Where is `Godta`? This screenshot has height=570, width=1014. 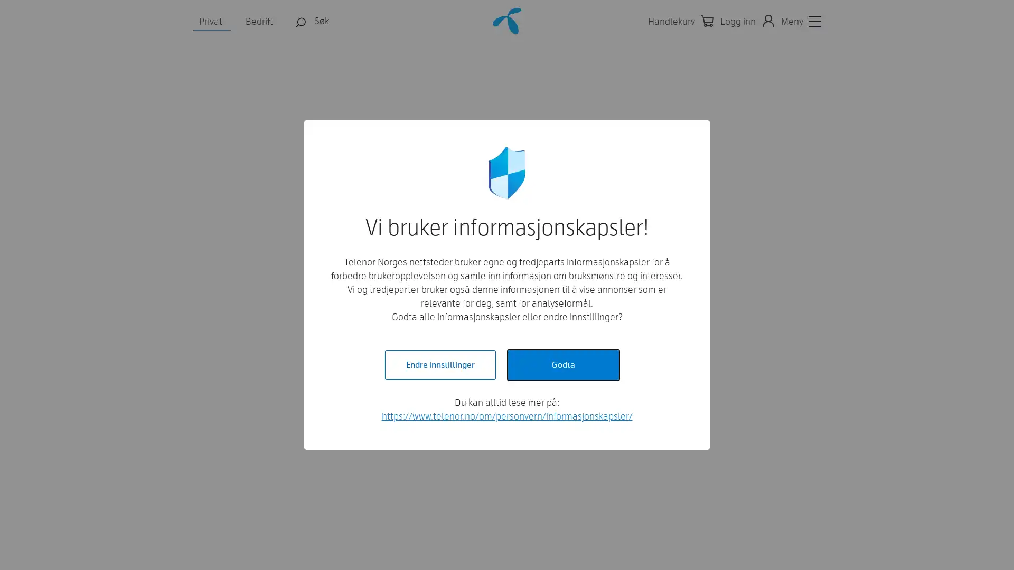
Godta is located at coordinates (562, 364).